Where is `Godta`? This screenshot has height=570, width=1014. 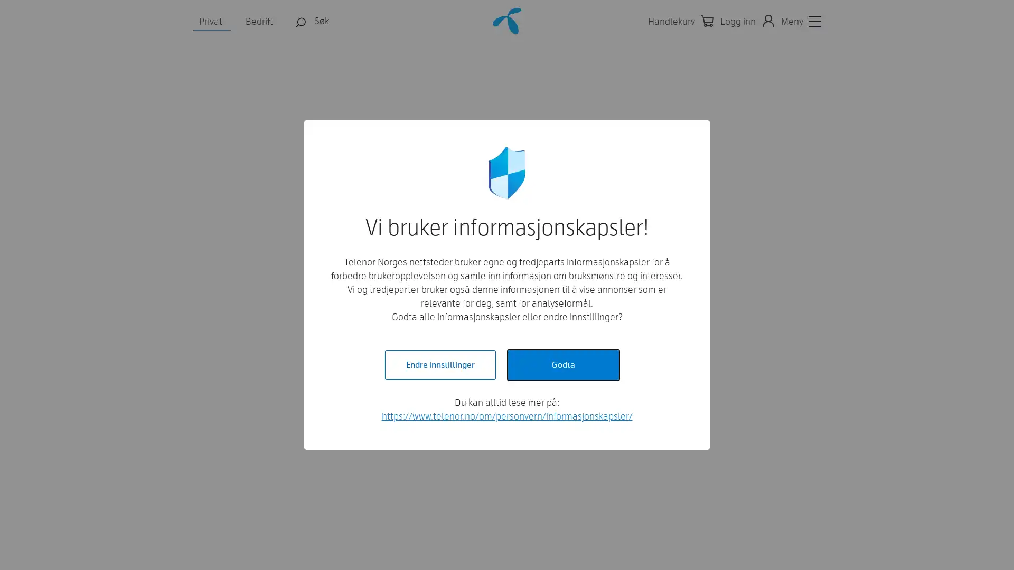
Godta is located at coordinates (562, 364).